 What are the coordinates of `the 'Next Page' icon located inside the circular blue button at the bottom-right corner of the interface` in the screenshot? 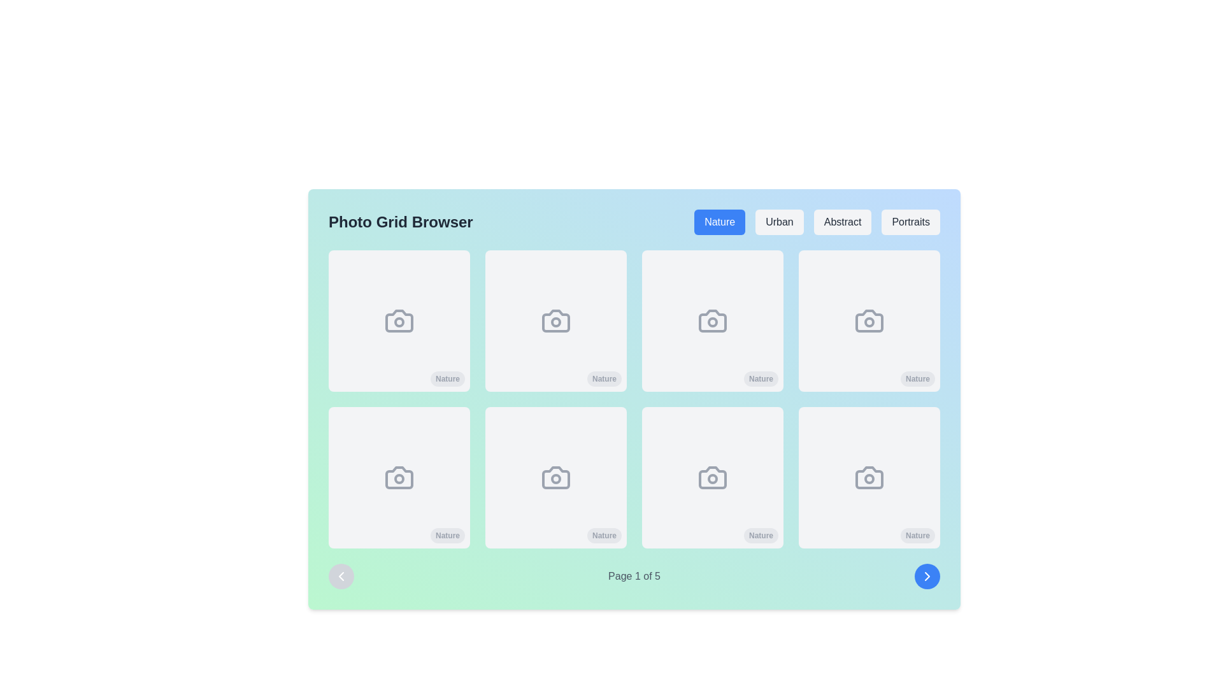 It's located at (927, 577).